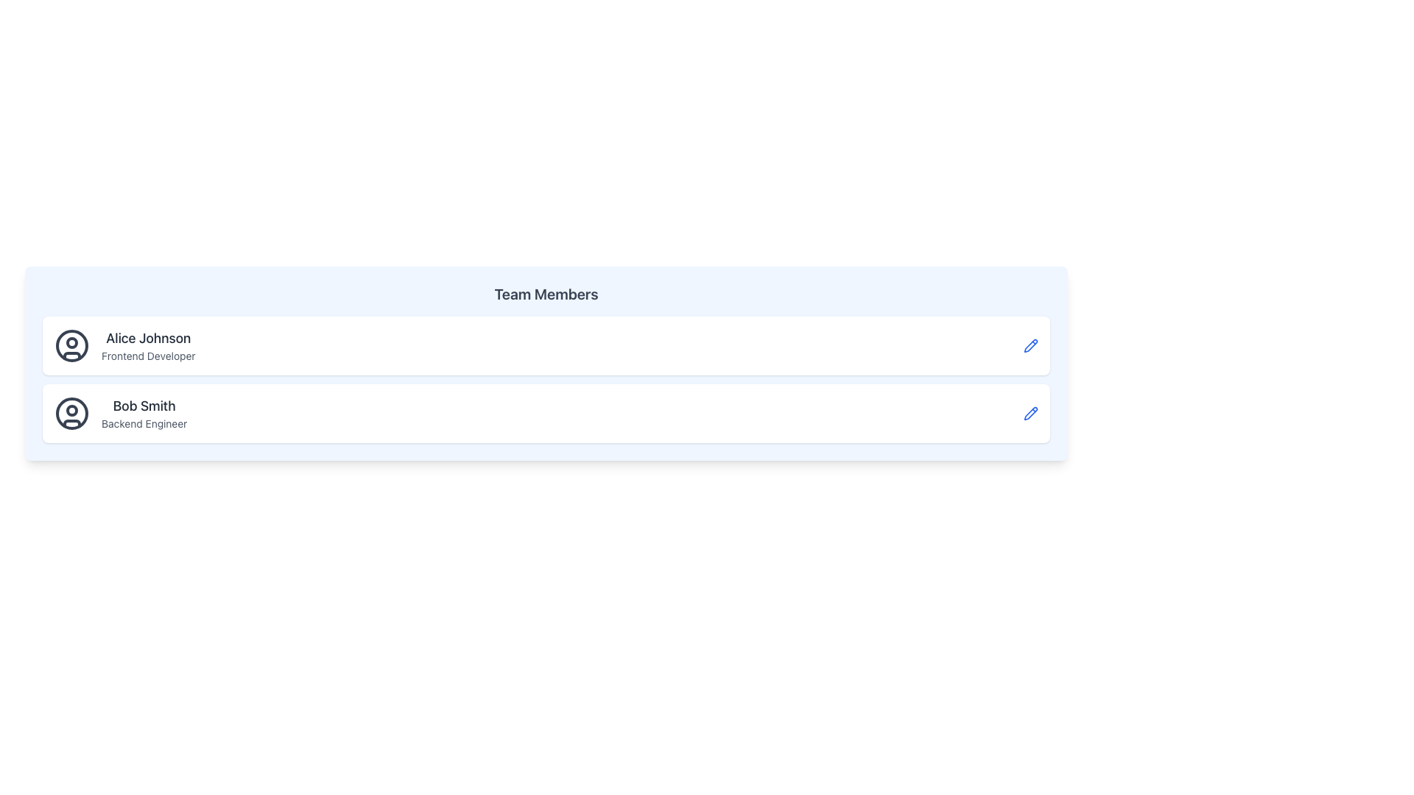  What do you see at coordinates (1030, 414) in the screenshot?
I see `the edit button (pencil icon) located at the extreme right end of the second card for 'Bob Smith, Backend Engineer' to initiate editing` at bounding box center [1030, 414].